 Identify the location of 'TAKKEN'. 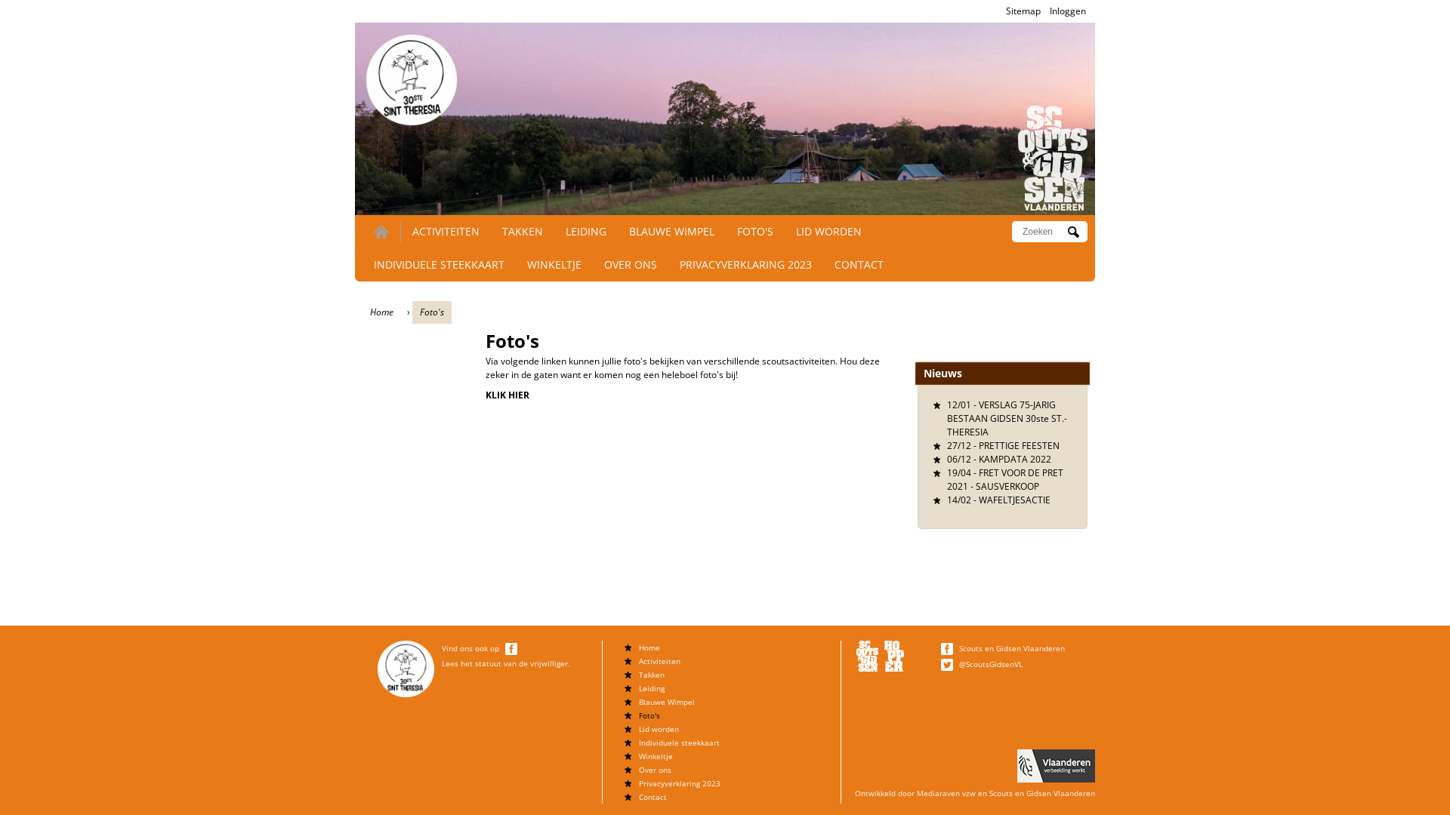
(522, 231).